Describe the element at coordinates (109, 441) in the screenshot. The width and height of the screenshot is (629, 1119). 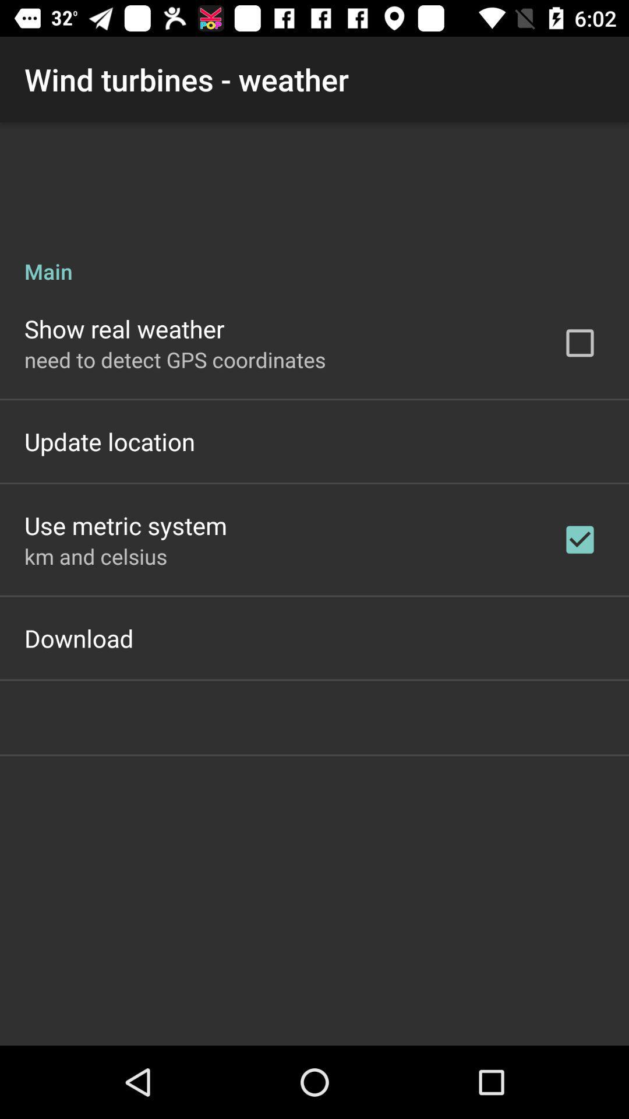
I see `the update location` at that location.